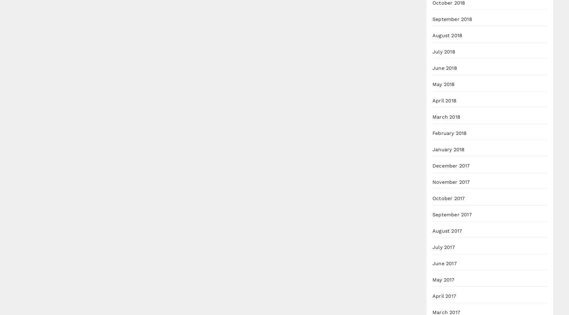 The width and height of the screenshot is (569, 315). I want to click on 'April 2017', so click(444, 296).